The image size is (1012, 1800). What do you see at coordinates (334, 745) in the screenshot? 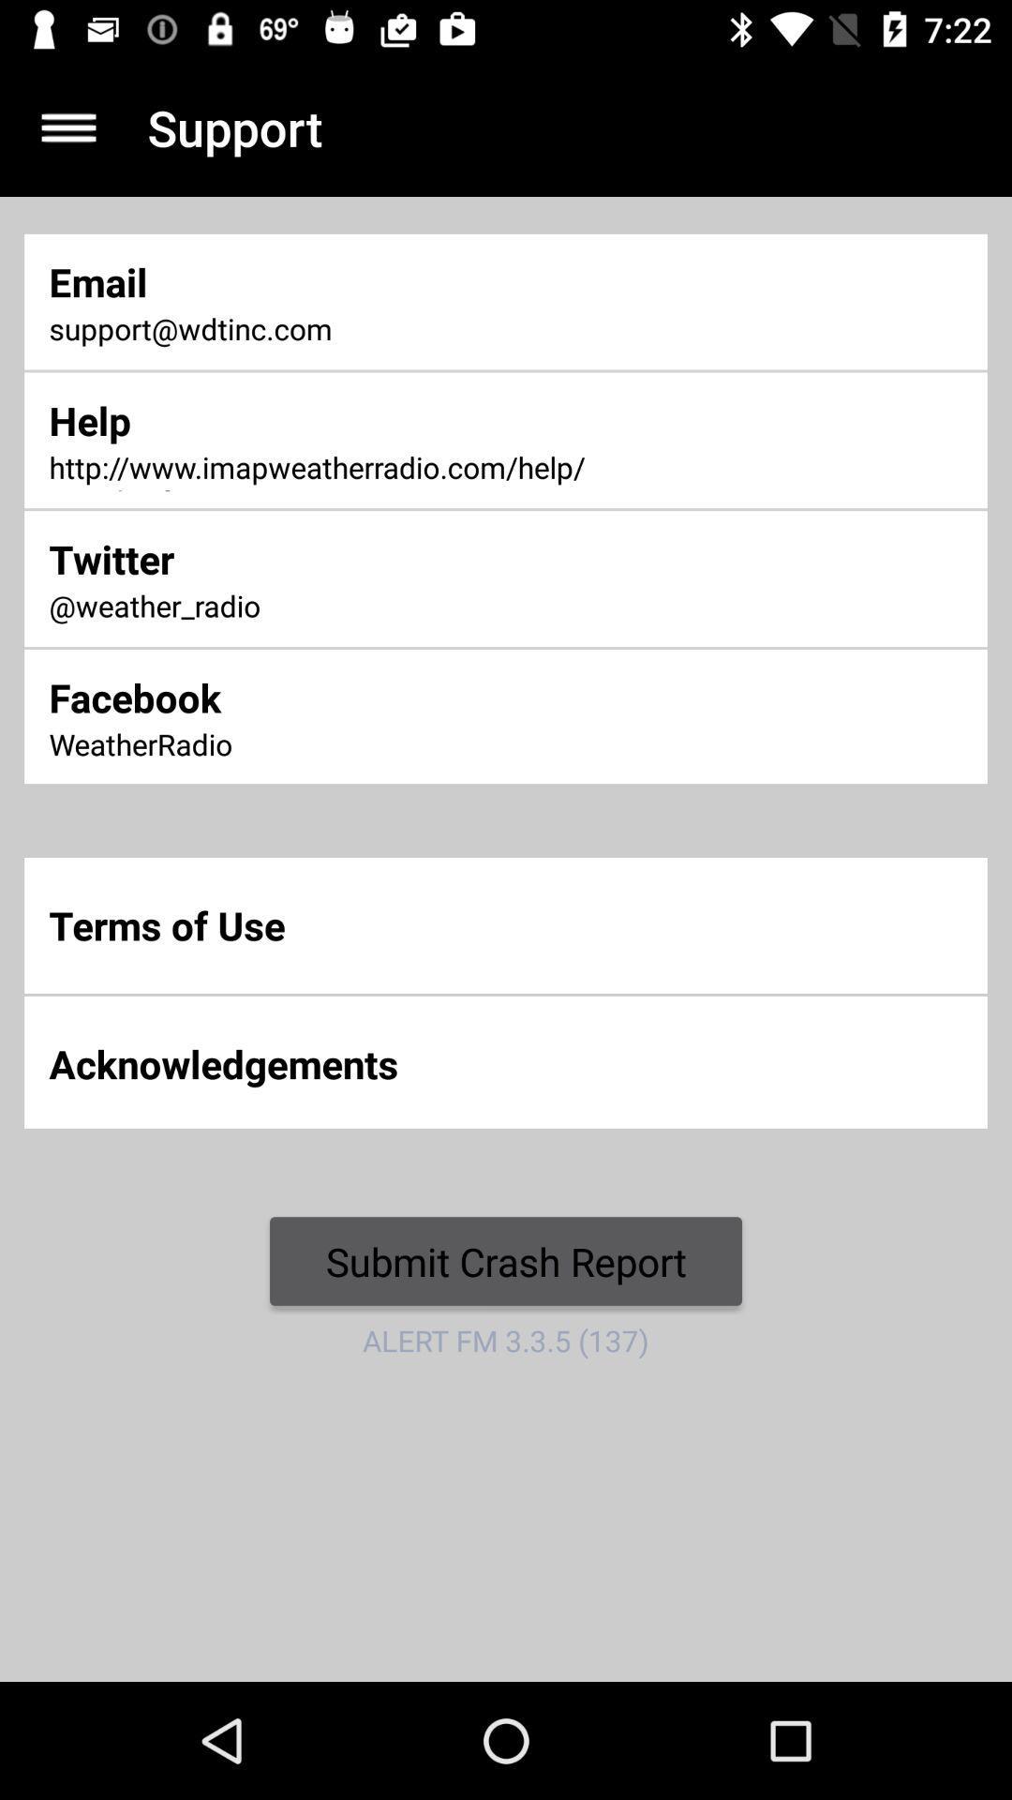
I see `item above the terms of use item` at bounding box center [334, 745].